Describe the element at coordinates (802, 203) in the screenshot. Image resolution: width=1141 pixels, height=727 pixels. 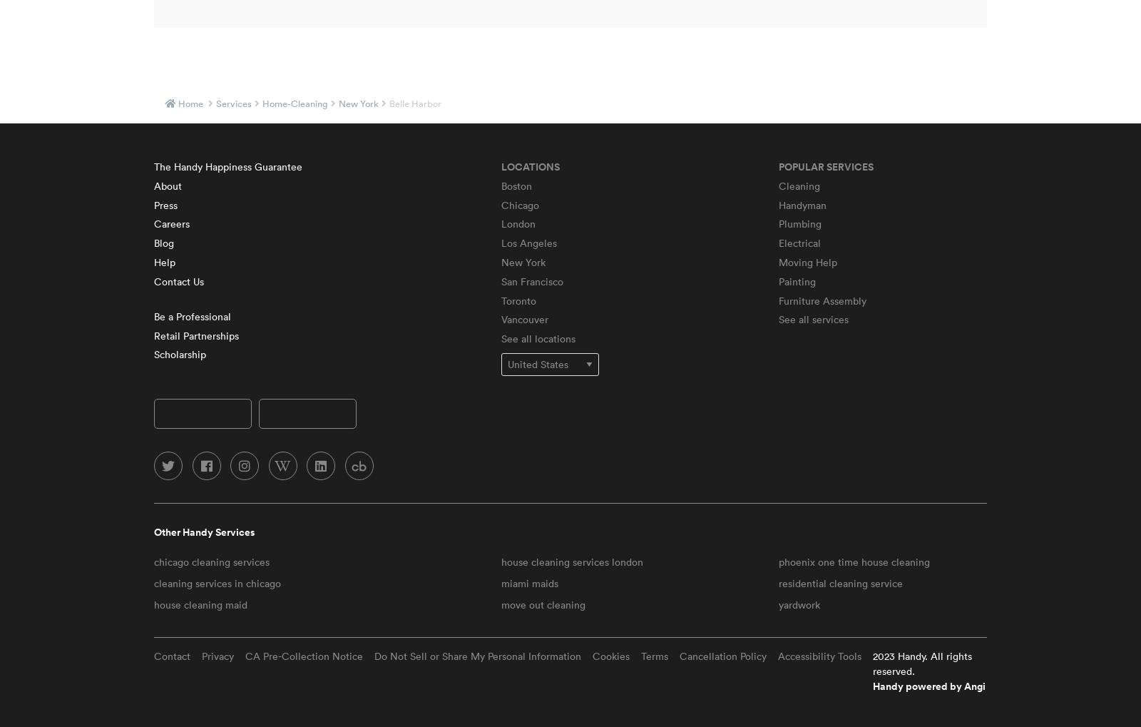
I see `'Handyman'` at that location.